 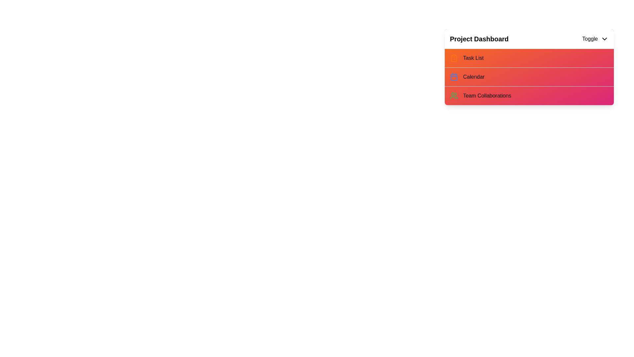 I want to click on the menu item Team Collaborations to select it, so click(x=529, y=96).